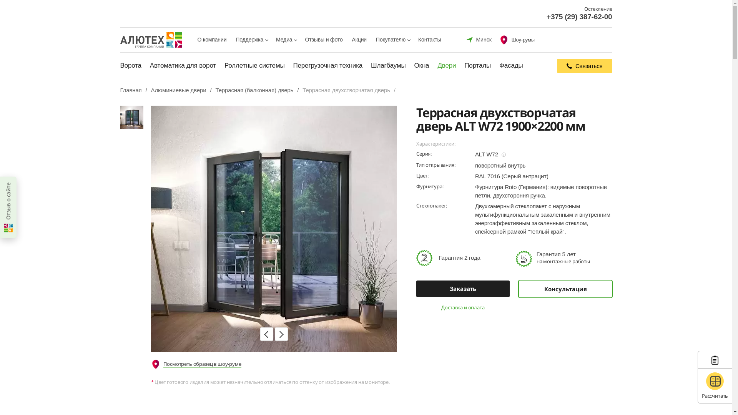  I want to click on '+375 (29) 387-62-00', so click(579, 17).